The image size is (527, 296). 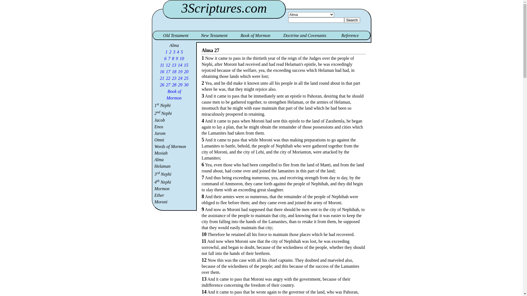 I want to click on '29', so click(x=180, y=85).